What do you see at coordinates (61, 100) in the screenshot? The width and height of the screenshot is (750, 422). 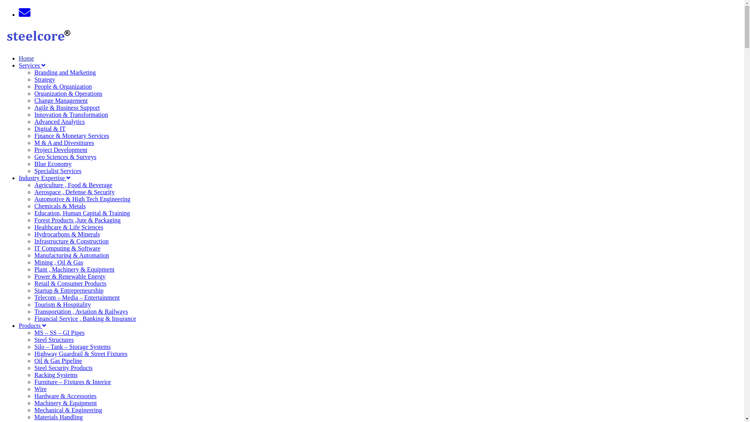 I see `'Change Management'` at bounding box center [61, 100].